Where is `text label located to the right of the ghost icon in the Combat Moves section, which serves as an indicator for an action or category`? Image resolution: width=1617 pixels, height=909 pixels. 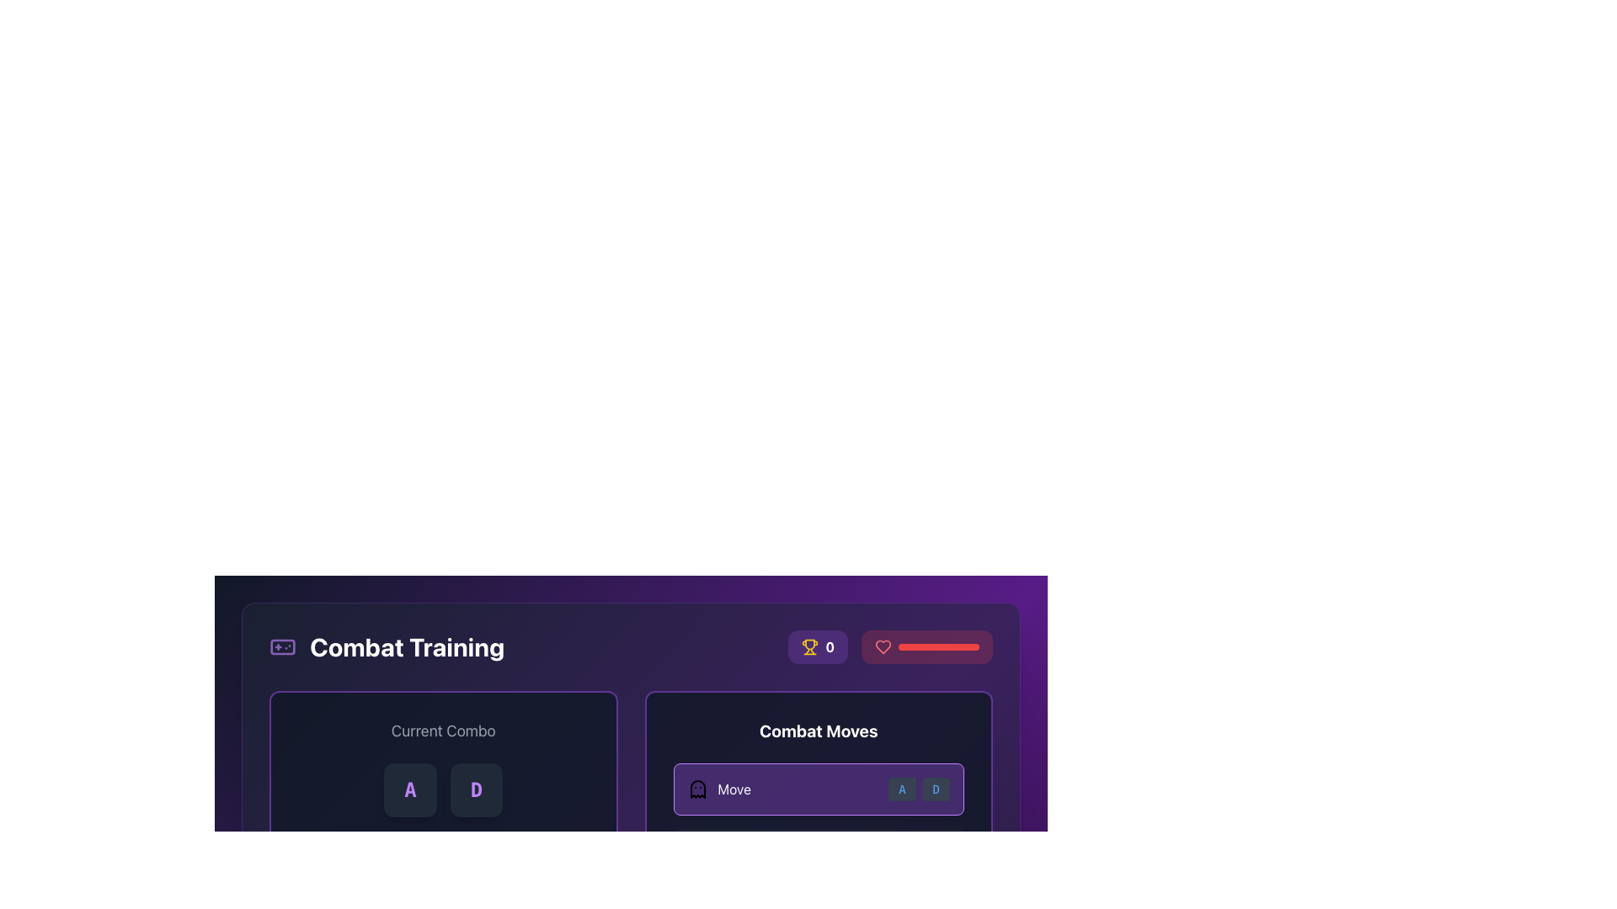
text label located to the right of the ghost icon in the Combat Moves section, which serves as an indicator for an action or category is located at coordinates (734, 789).